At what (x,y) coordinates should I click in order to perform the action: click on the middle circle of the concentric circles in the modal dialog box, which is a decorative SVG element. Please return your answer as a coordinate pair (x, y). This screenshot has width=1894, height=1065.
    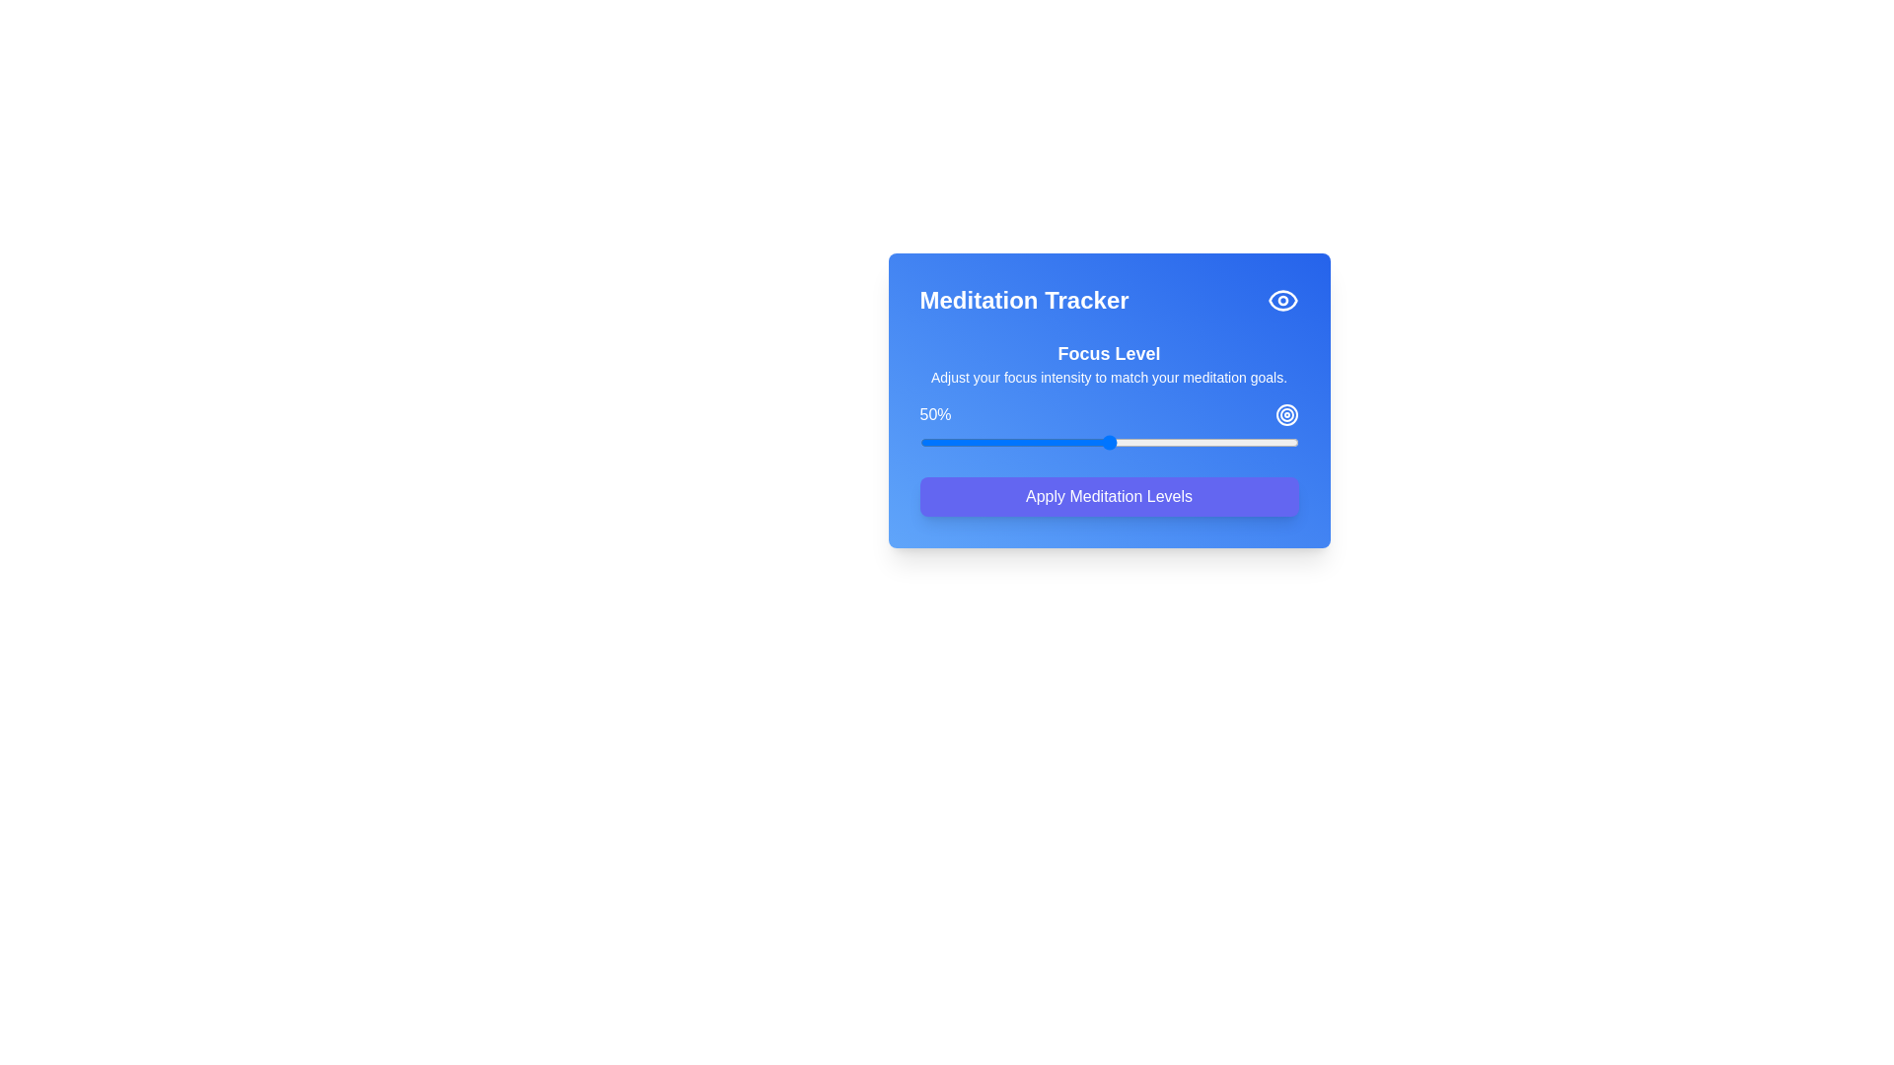
    Looking at the image, I should click on (1286, 413).